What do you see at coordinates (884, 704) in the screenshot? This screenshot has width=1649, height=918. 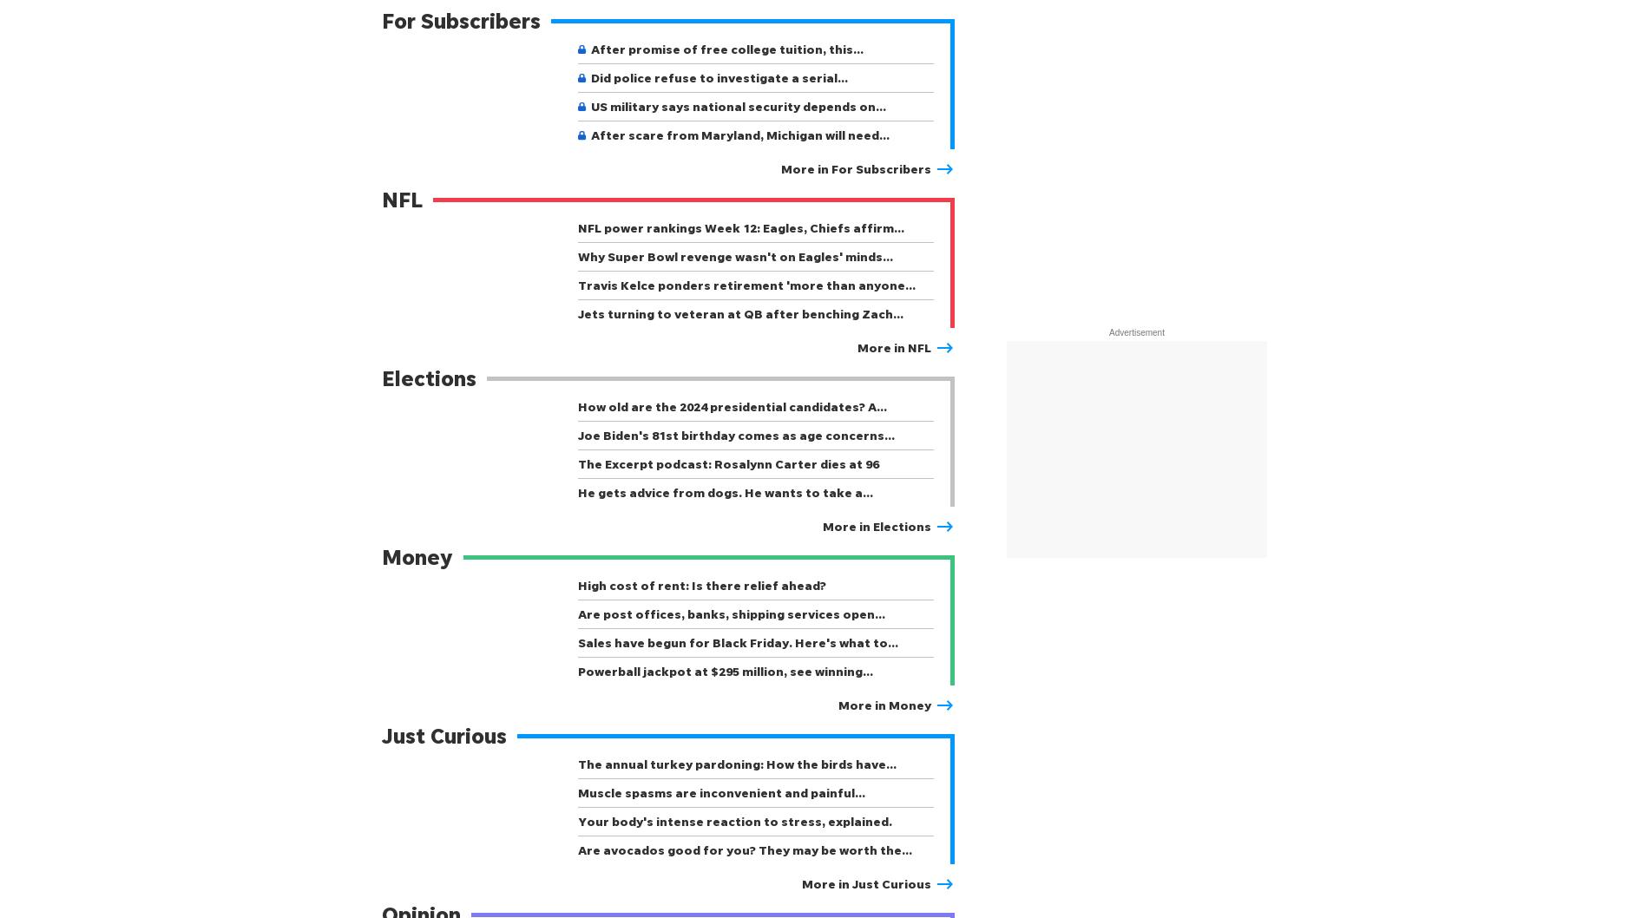 I see `'More in Money'` at bounding box center [884, 704].